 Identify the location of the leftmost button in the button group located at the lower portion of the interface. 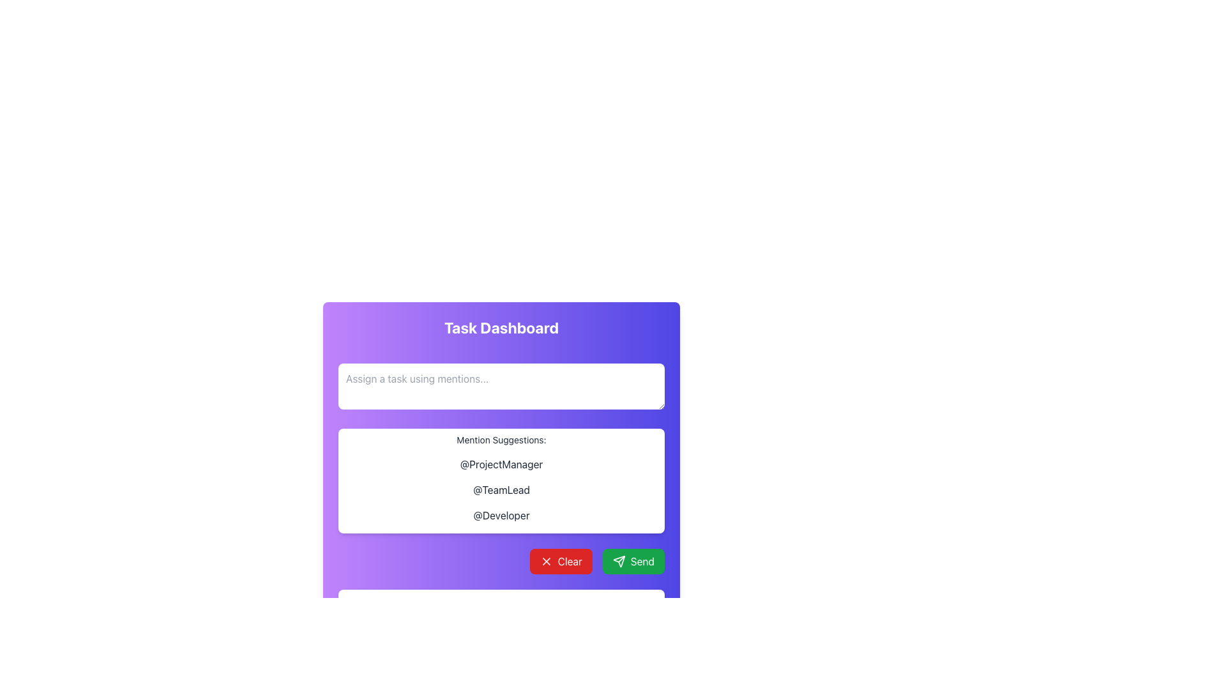
(561, 561).